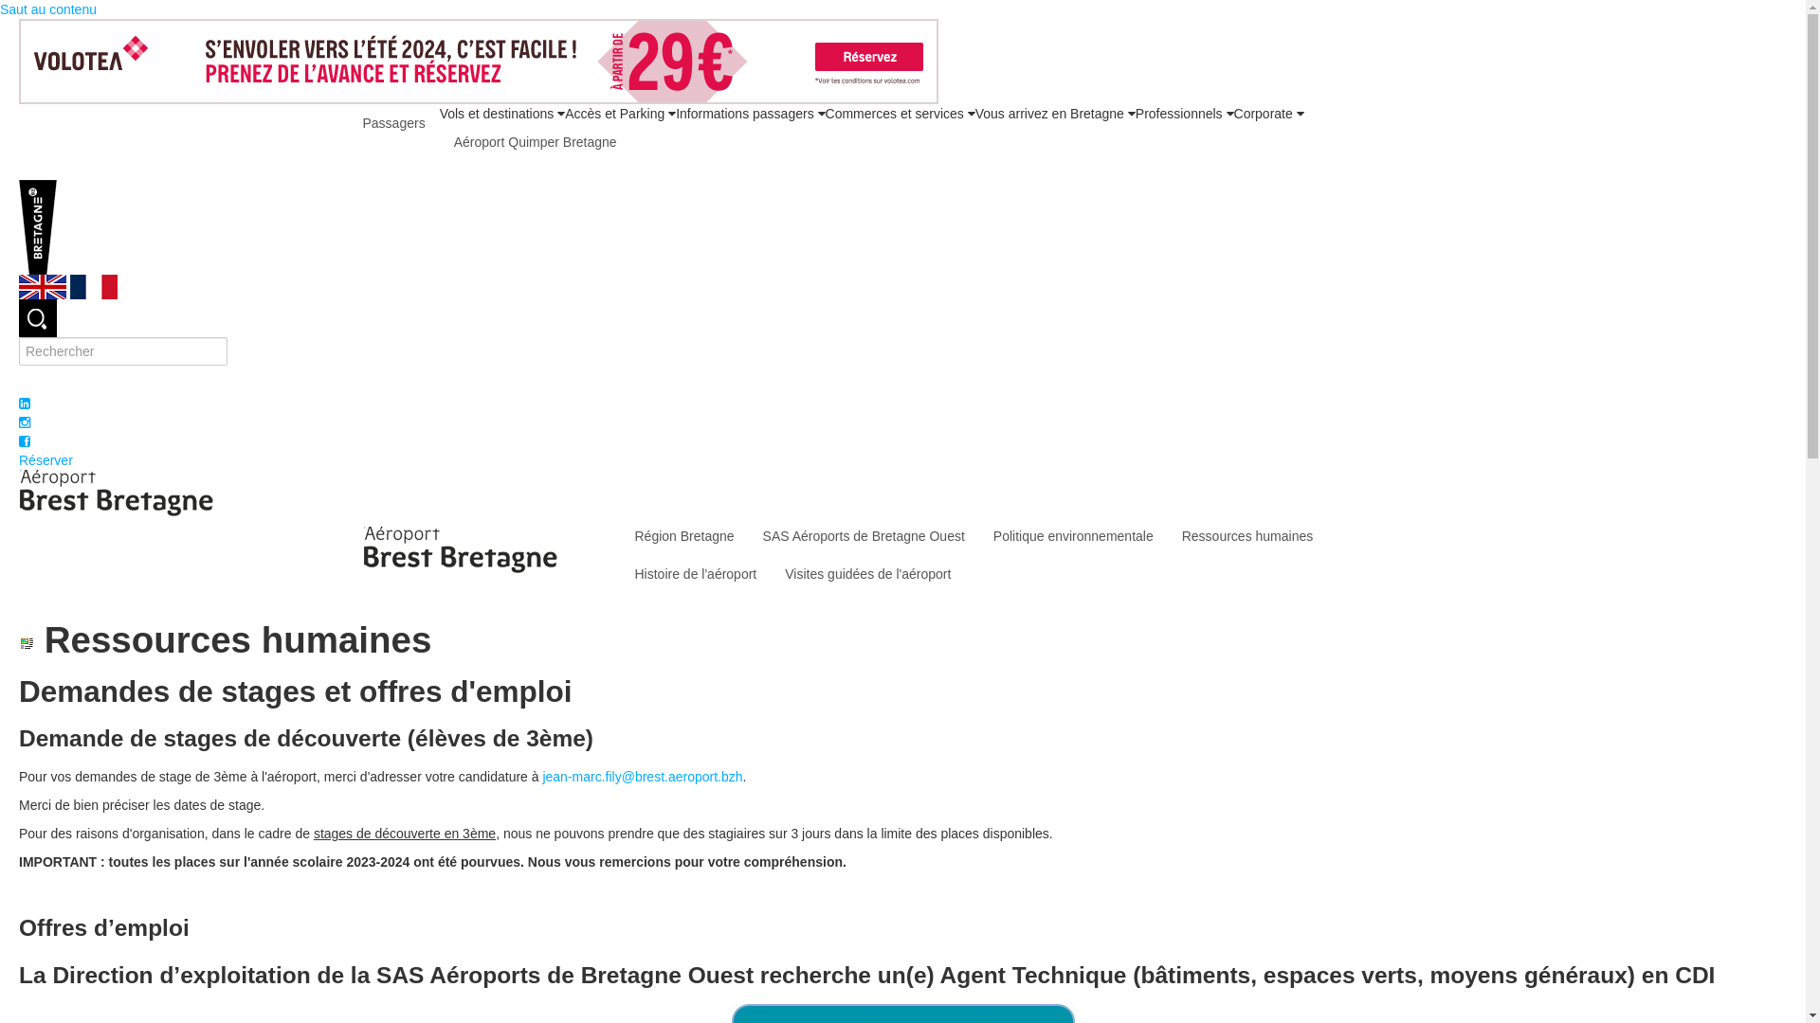 This screenshot has width=1820, height=1023. Describe the element at coordinates (1247, 536) in the screenshot. I see `'Ressources humaines'` at that location.